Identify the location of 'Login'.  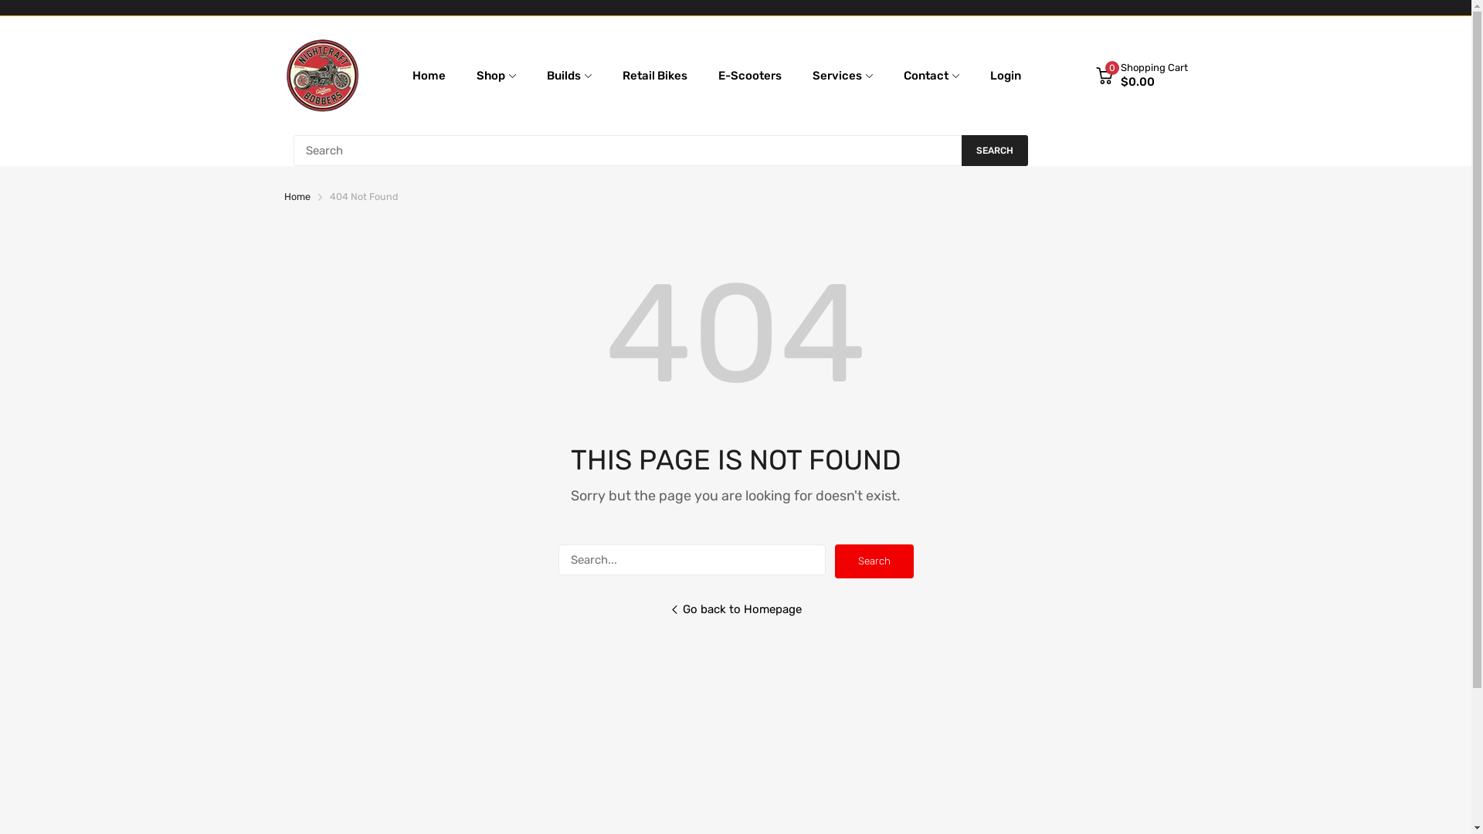
(989, 75).